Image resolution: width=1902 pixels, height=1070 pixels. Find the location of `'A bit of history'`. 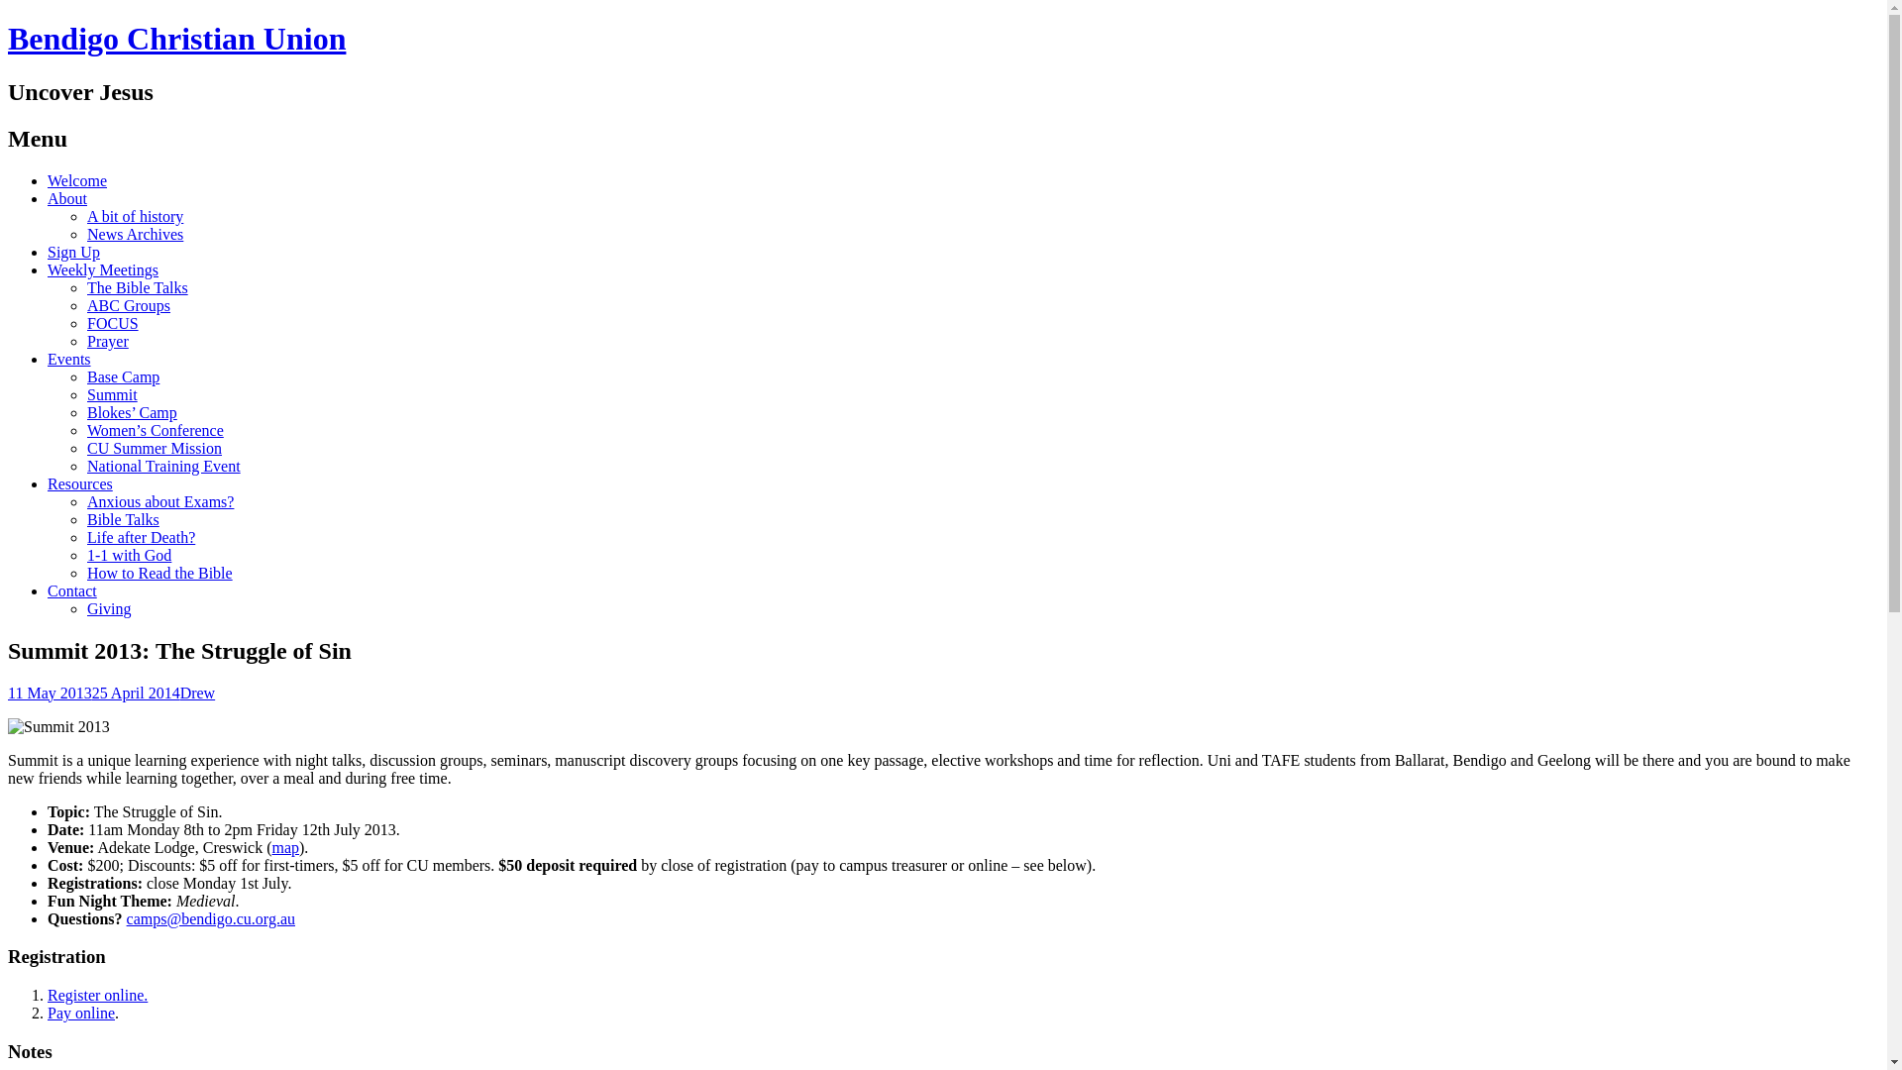

'A bit of history' is located at coordinates (134, 216).